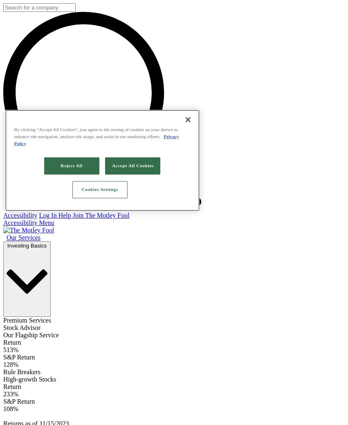 The height and width of the screenshot is (425, 348). What do you see at coordinates (23, 237) in the screenshot?
I see `'Our Services'` at bounding box center [23, 237].